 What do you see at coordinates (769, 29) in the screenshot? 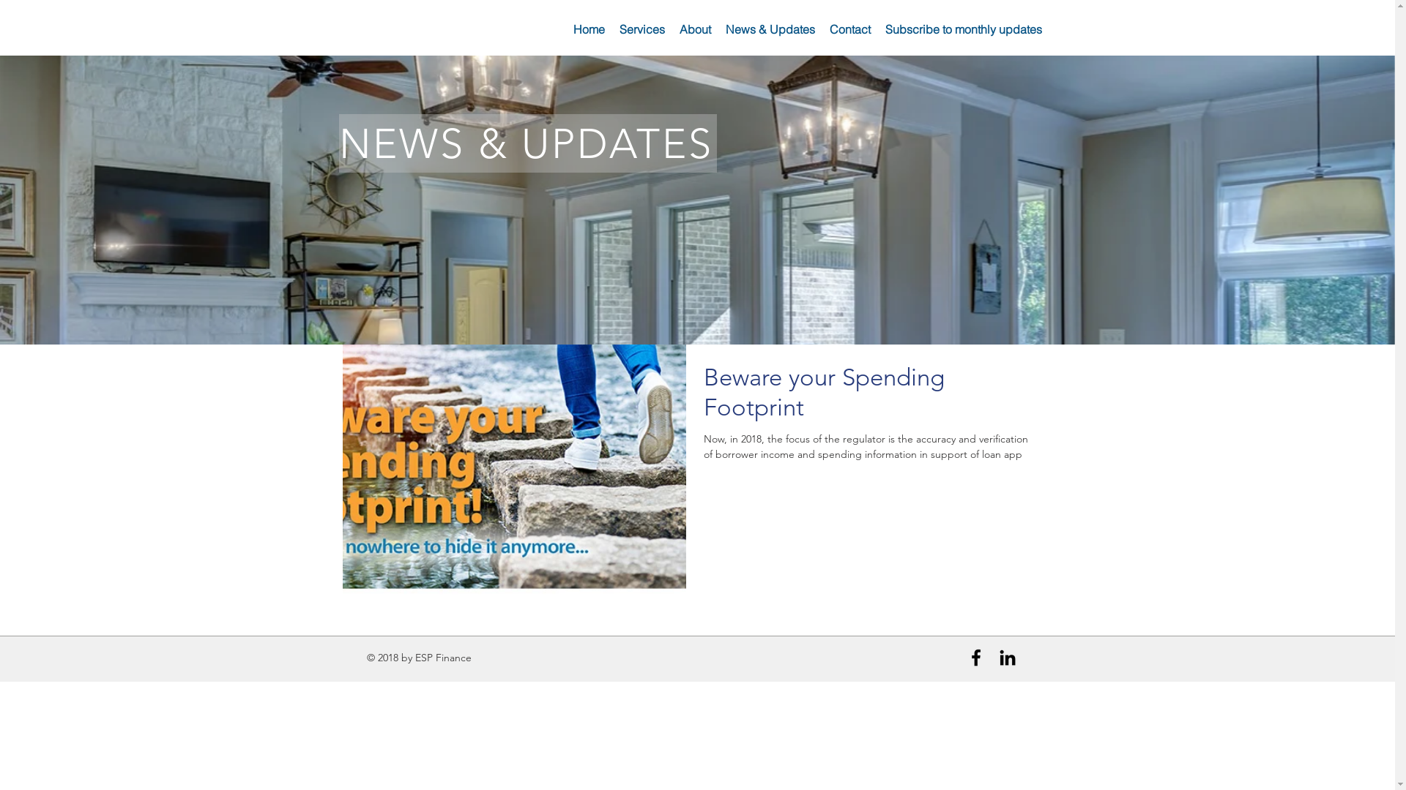
I see `'News & Updates'` at bounding box center [769, 29].